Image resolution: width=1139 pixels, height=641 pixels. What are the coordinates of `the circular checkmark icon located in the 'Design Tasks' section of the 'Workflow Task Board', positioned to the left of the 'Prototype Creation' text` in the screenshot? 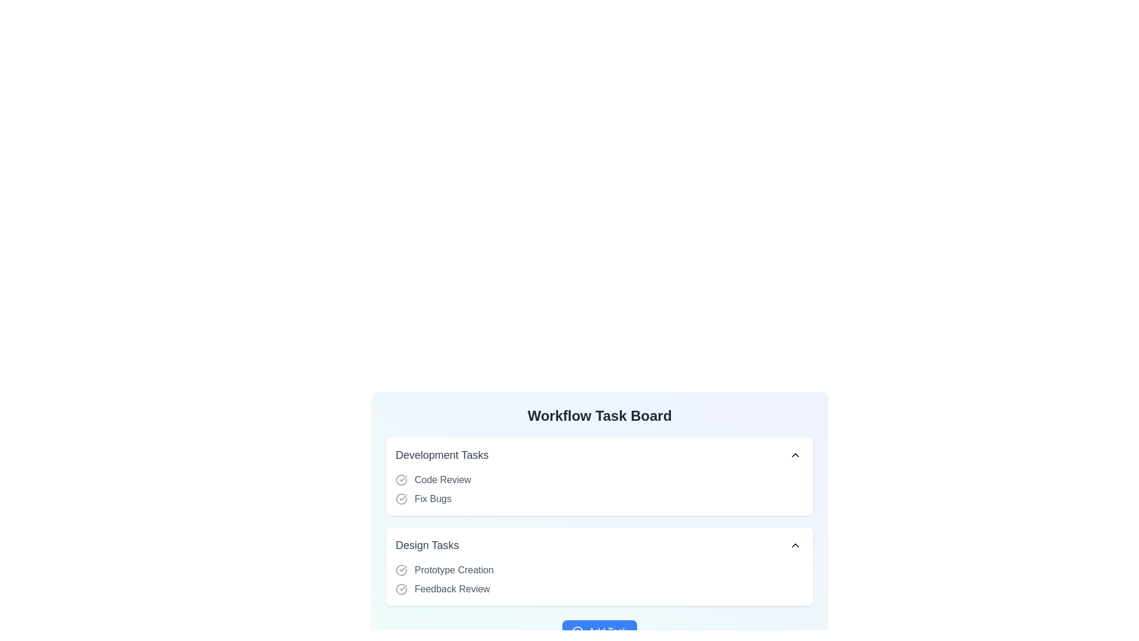 It's located at (401, 569).